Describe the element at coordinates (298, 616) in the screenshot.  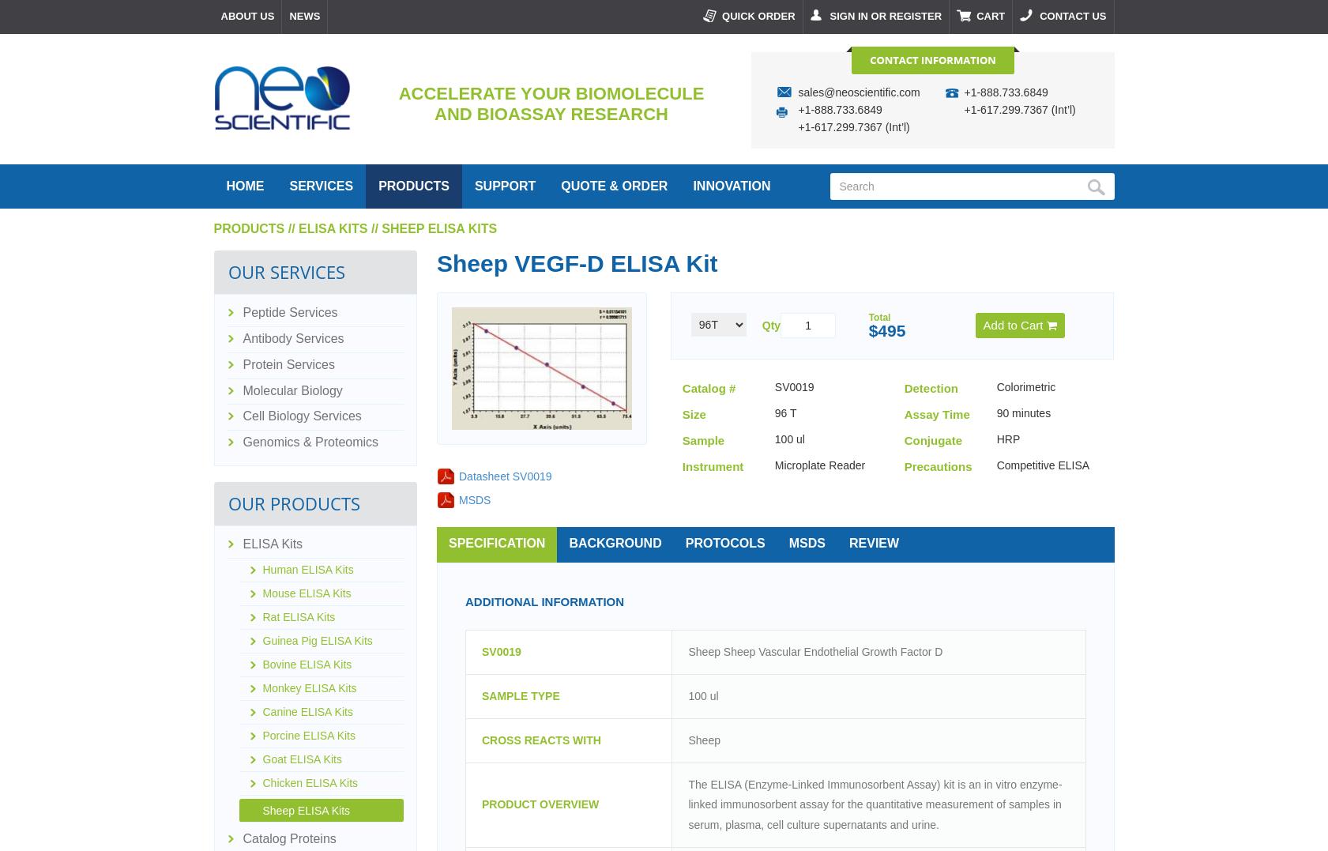
I see `'Rat ELISA Kits'` at that location.